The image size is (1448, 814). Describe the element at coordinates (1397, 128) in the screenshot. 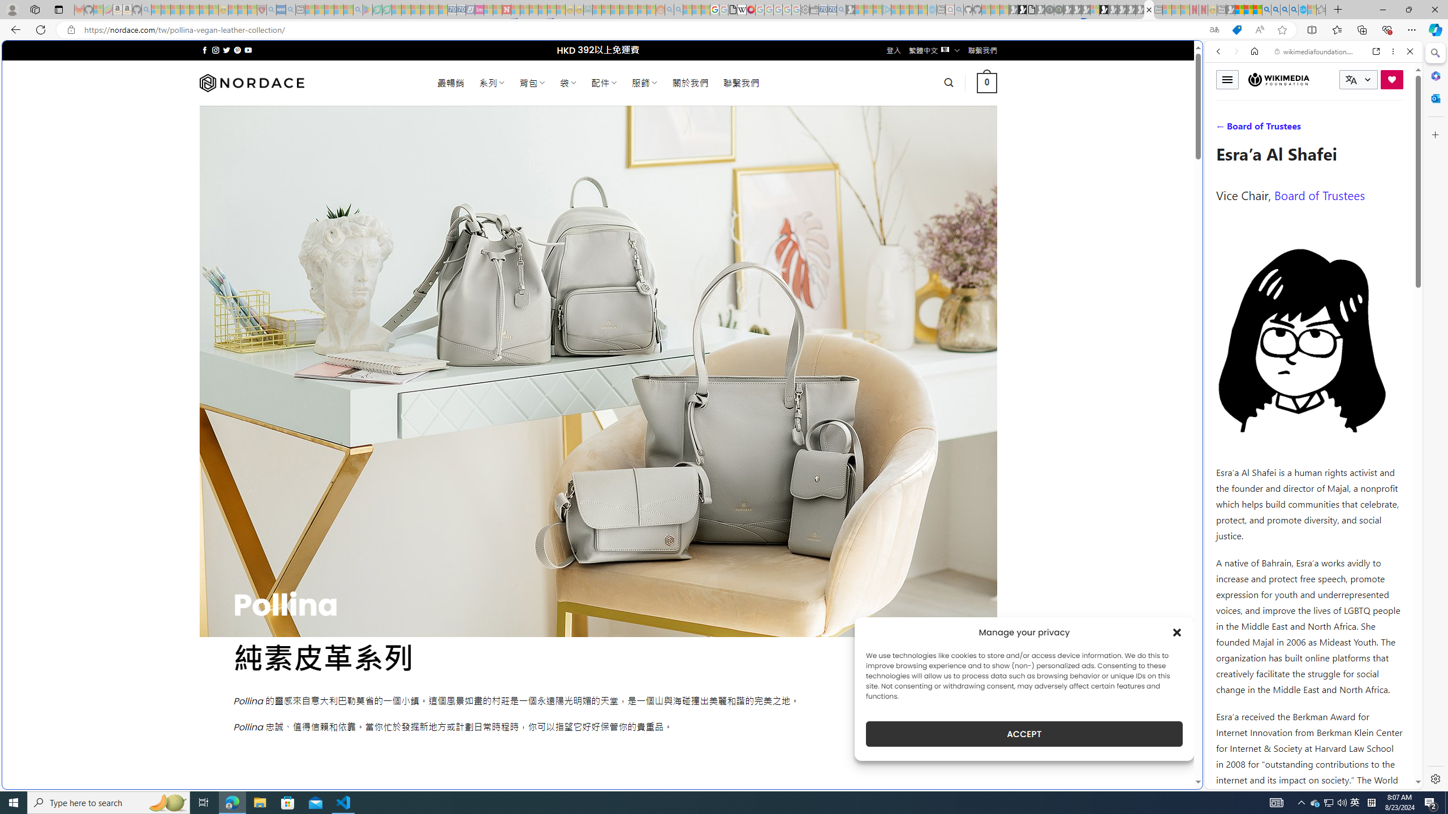

I see `'Preferences'` at that location.